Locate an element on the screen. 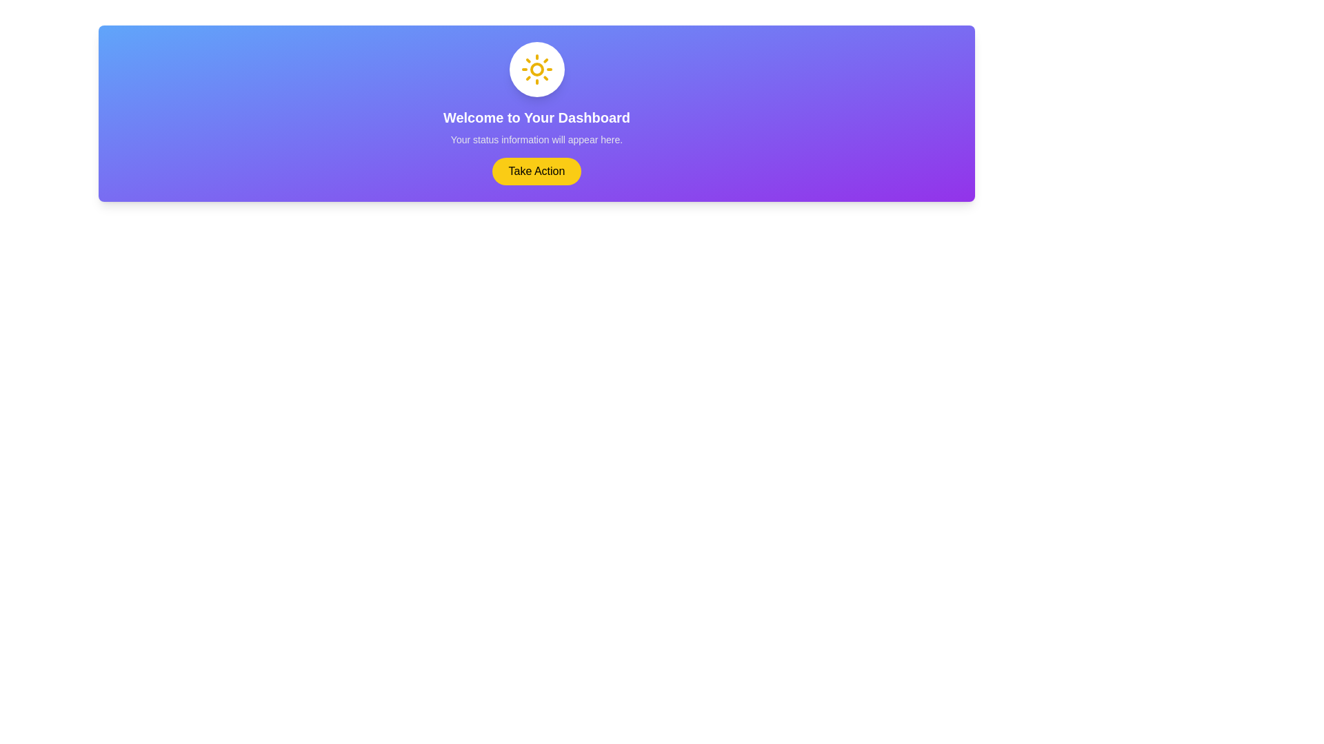 The image size is (1324, 744). the pill-shaped button with a yellow background and black text reading 'Take Action' to observe its hover effects is located at coordinates (536, 171).